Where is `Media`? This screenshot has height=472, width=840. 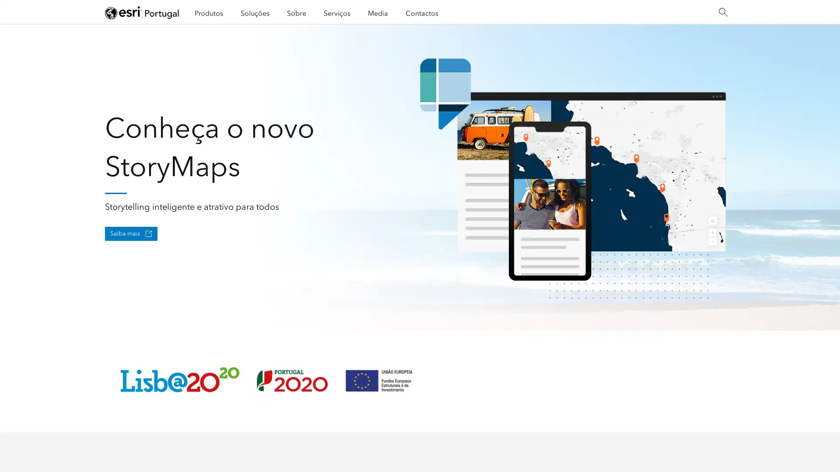 Media is located at coordinates (378, 12).